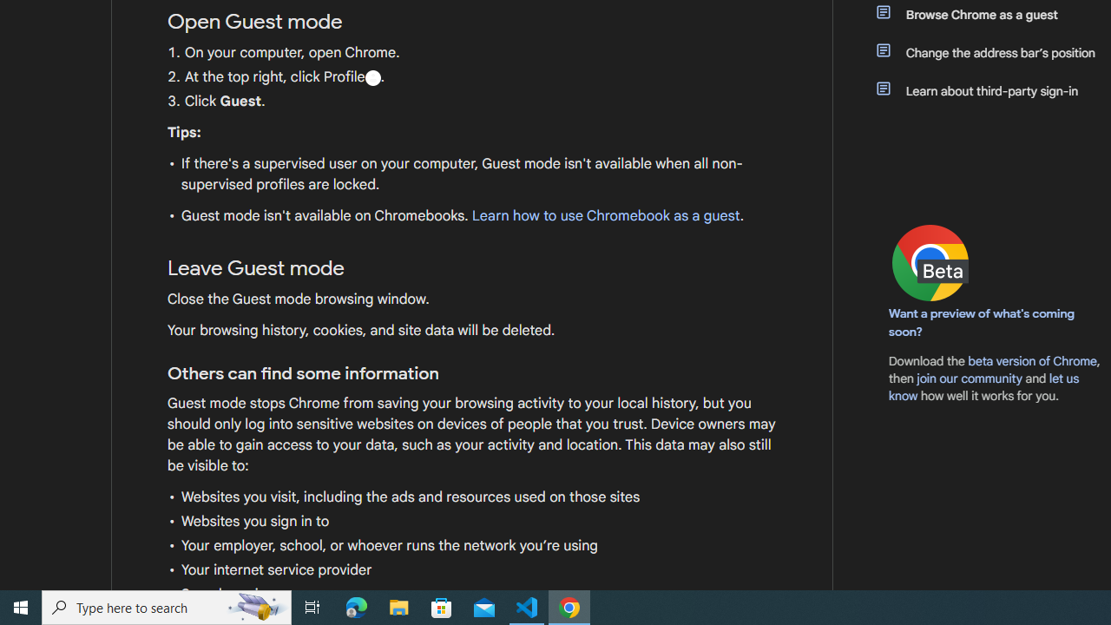 Image resolution: width=1111 pixels, height=625 pixels. I want to click on 'Chrome Beta logo', so click(930, 263).